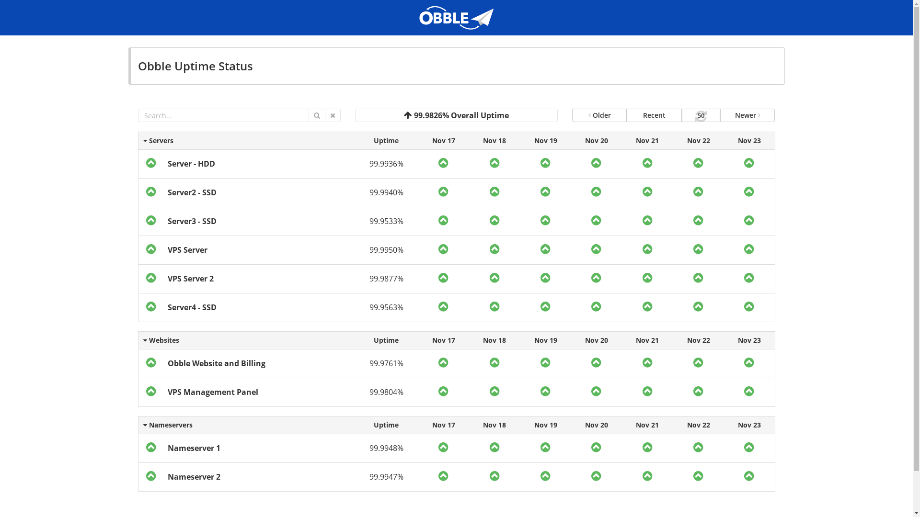  What do you see at coordinates (386, 221) in the screenshot?
I see `'99.9533%'` at bounding box center [386, 221].